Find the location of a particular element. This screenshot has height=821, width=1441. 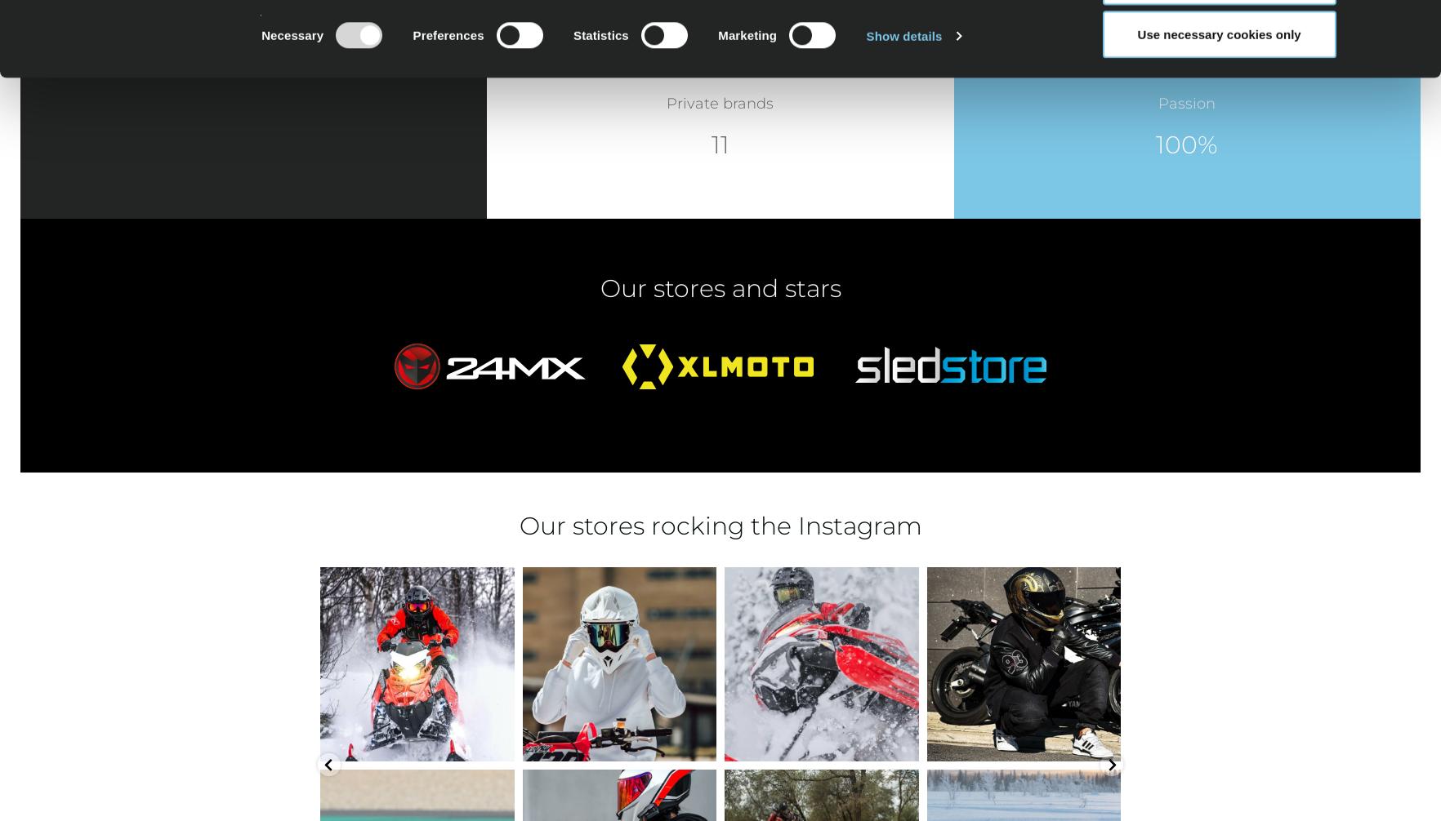

'Our stores and stars' is located at coordinates (720, 286).